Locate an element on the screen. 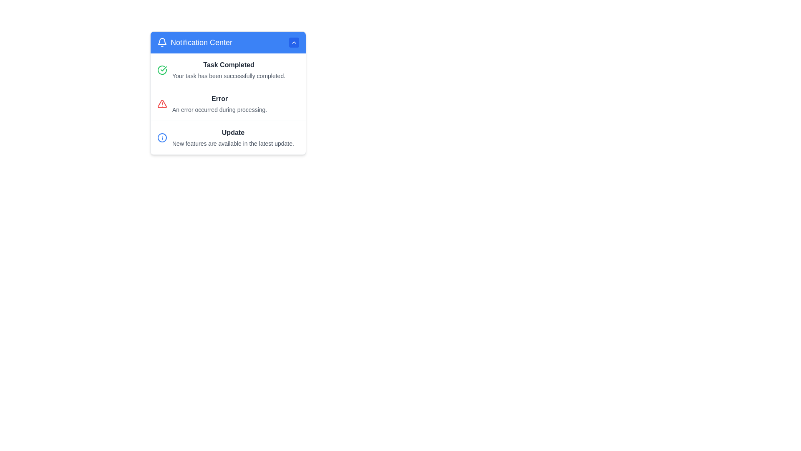 The image size is (801, 451). the error notification icon located to the left of the text 'Error' in the notification panel is located at coordinates (162, 103).